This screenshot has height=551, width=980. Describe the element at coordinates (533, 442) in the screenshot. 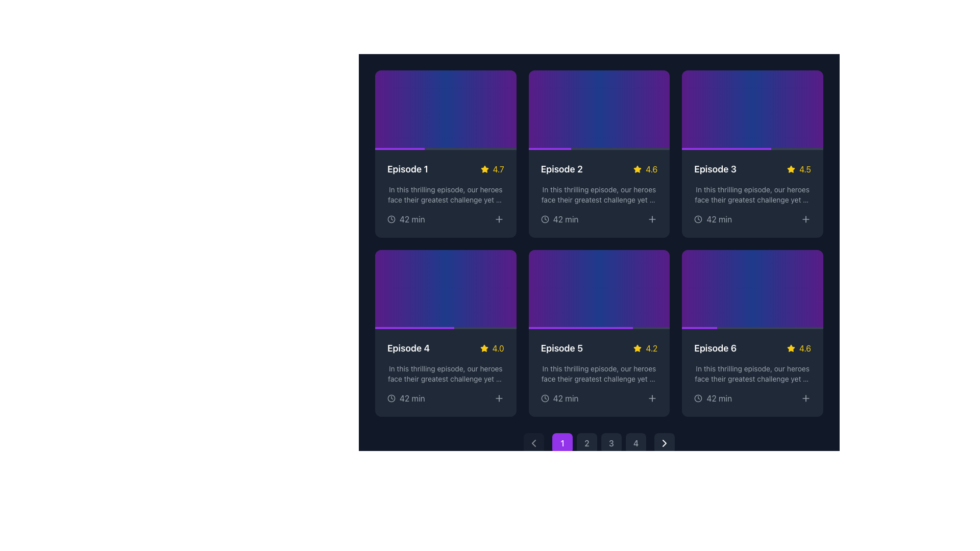

I see `the left-pointing chevron arrow SVG icon` at that location.